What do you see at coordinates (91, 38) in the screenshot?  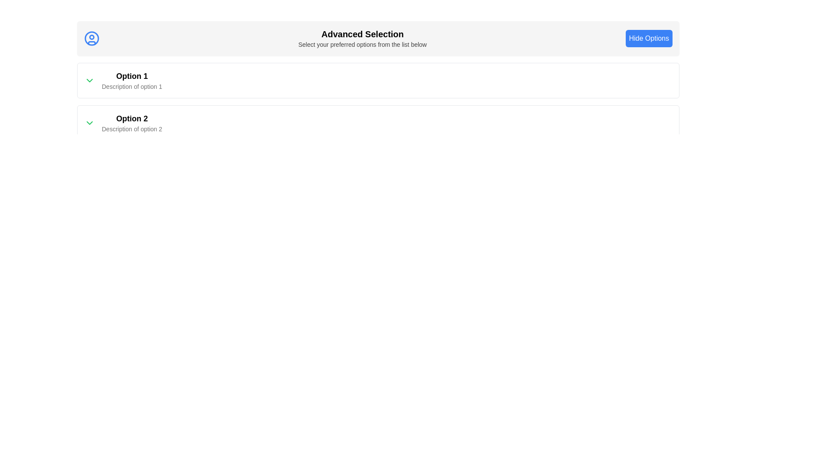 I see `the user silhouette icon with a blue outline located at the top left corner of the header section, next to the text 'Advanced Selection'` at bounding box center [91, 38].